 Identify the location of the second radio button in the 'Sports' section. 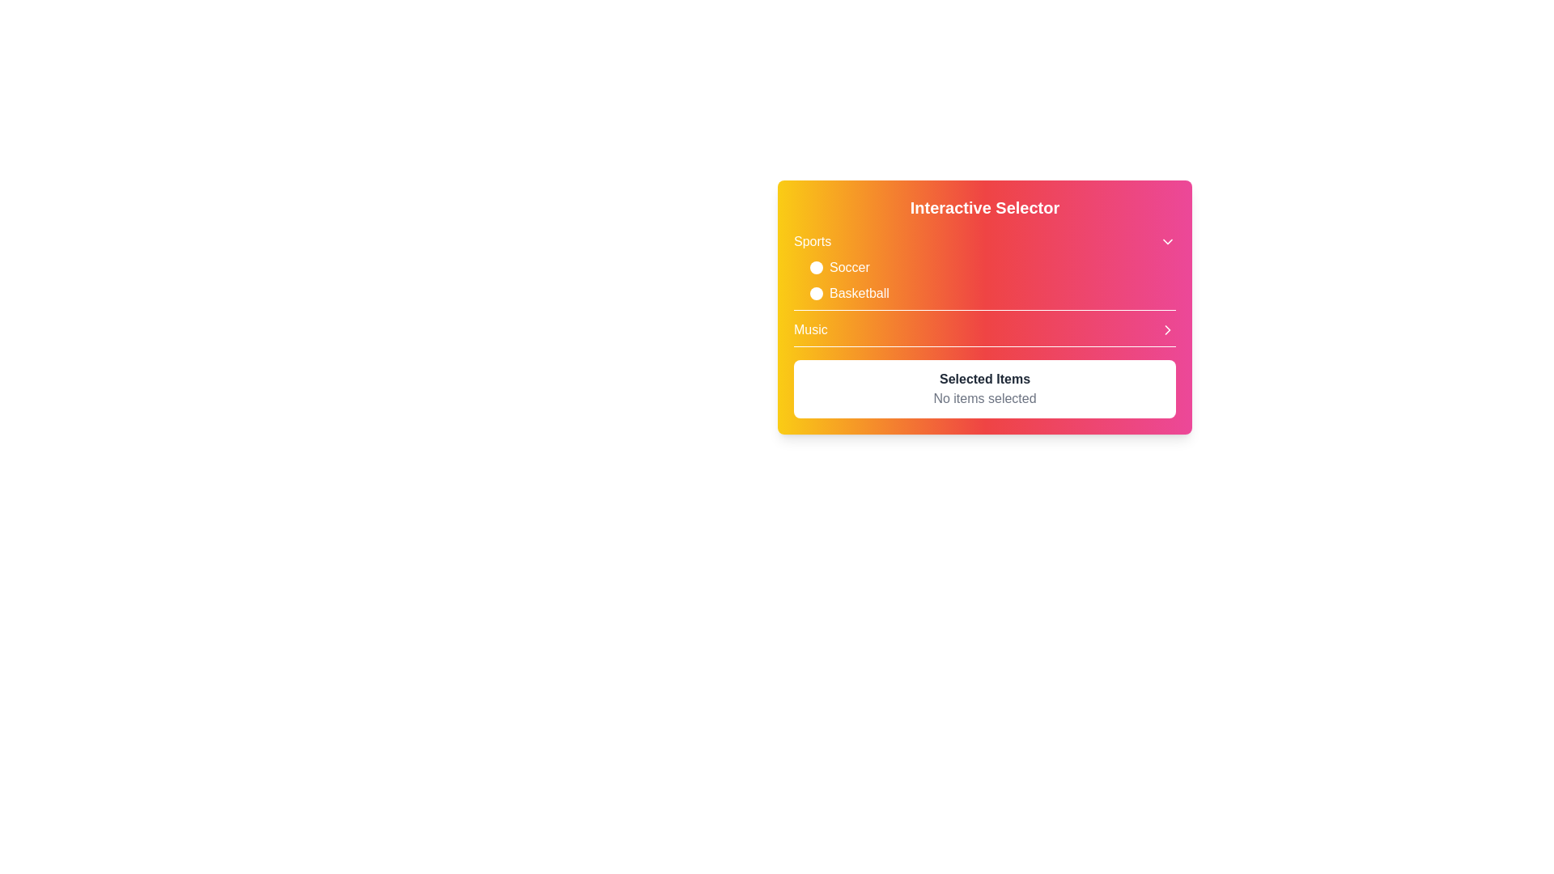
(984, 280).